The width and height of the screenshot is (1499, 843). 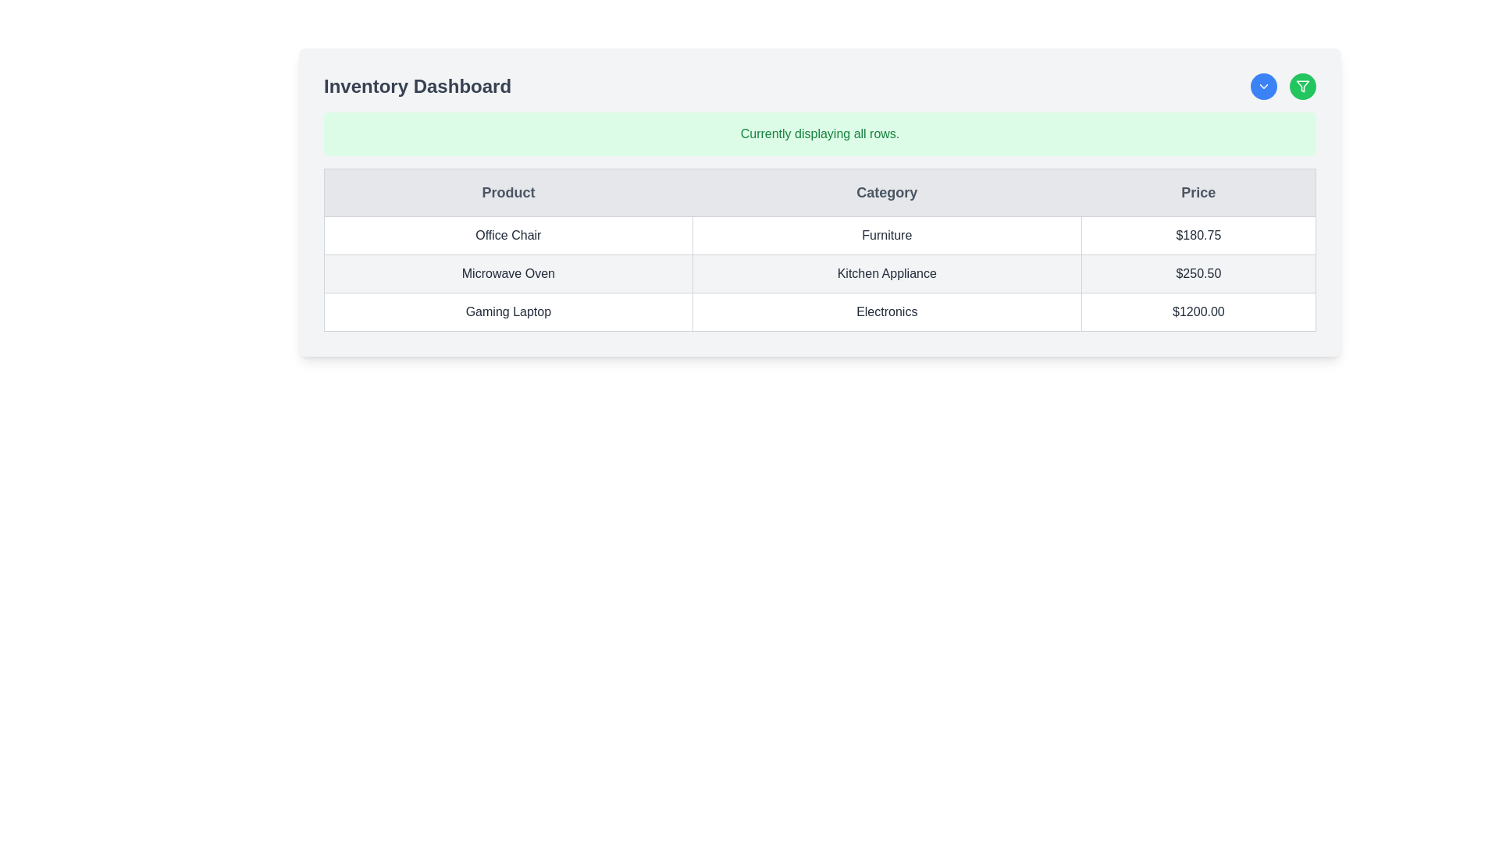 What do you see at coordinates (819, 133) in the screenshot?
I see `the text label that displays 'Currently displaying all rows.' which is styled in bold green font on a light green background, located beneath the 'Inventory Dashboard' header` at bounding box center [819, 133].